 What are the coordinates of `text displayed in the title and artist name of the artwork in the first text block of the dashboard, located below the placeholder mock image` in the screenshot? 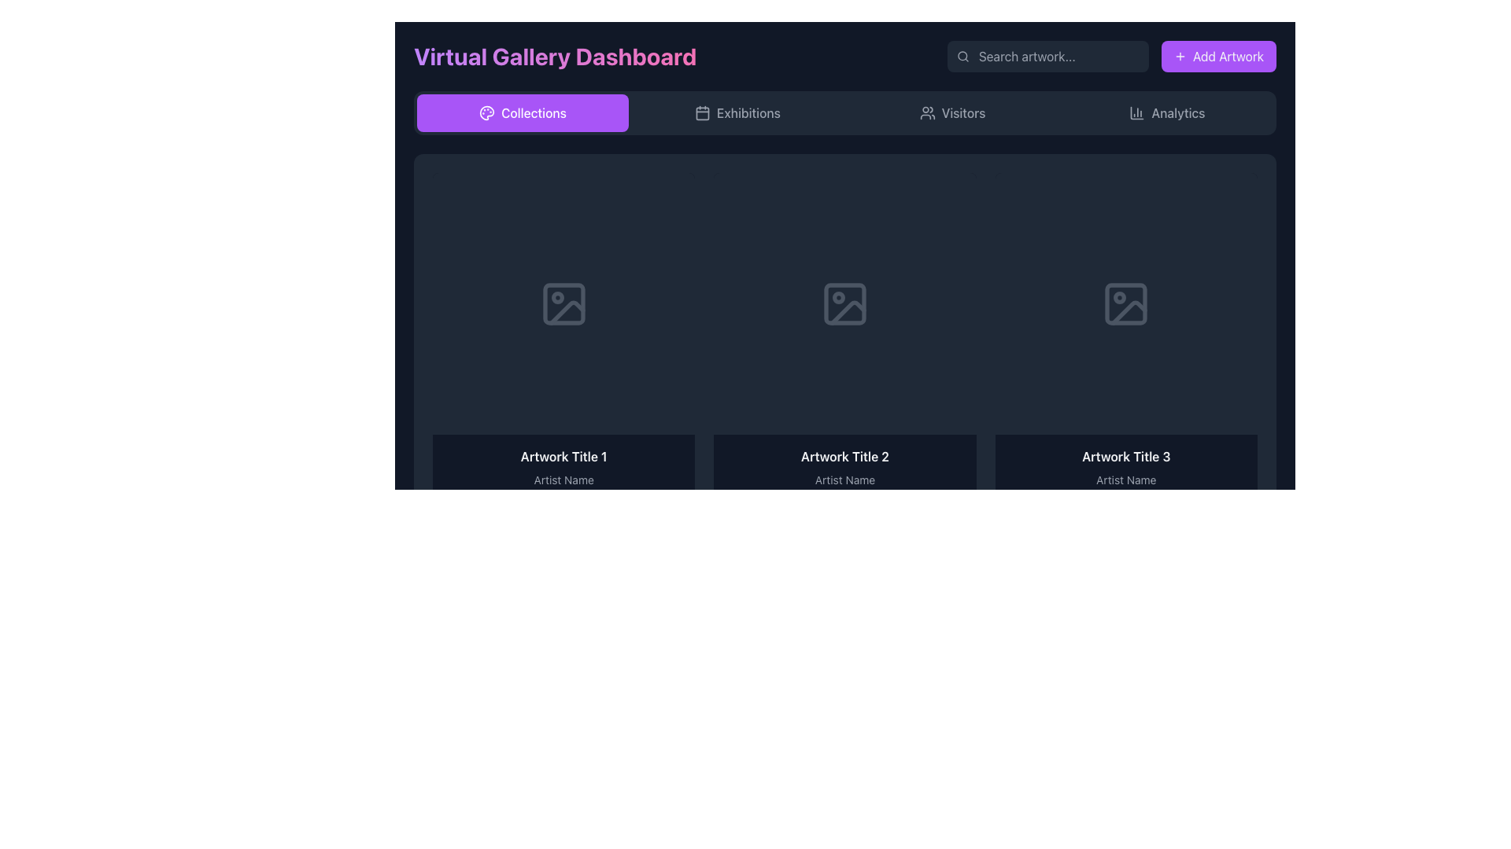 It's located at (563, 478).